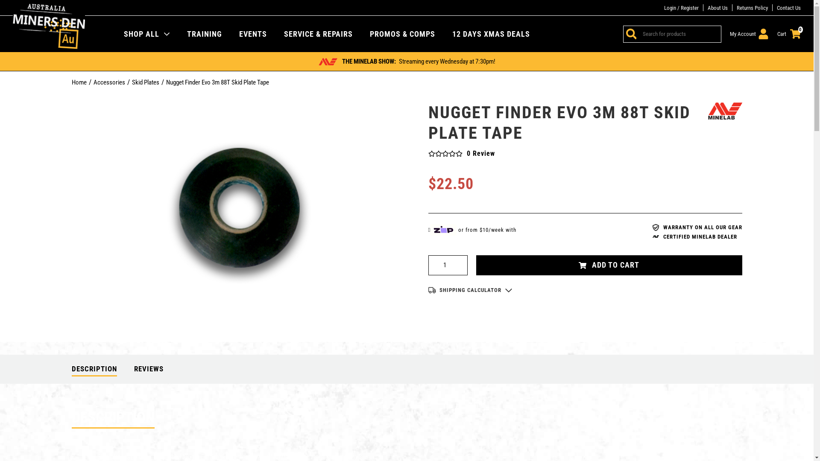 The width and height of the screenshot is (820, 461). Describe the element at coordinates (788, 8) in the screenshot. I see `'Contact Us'` at that location.